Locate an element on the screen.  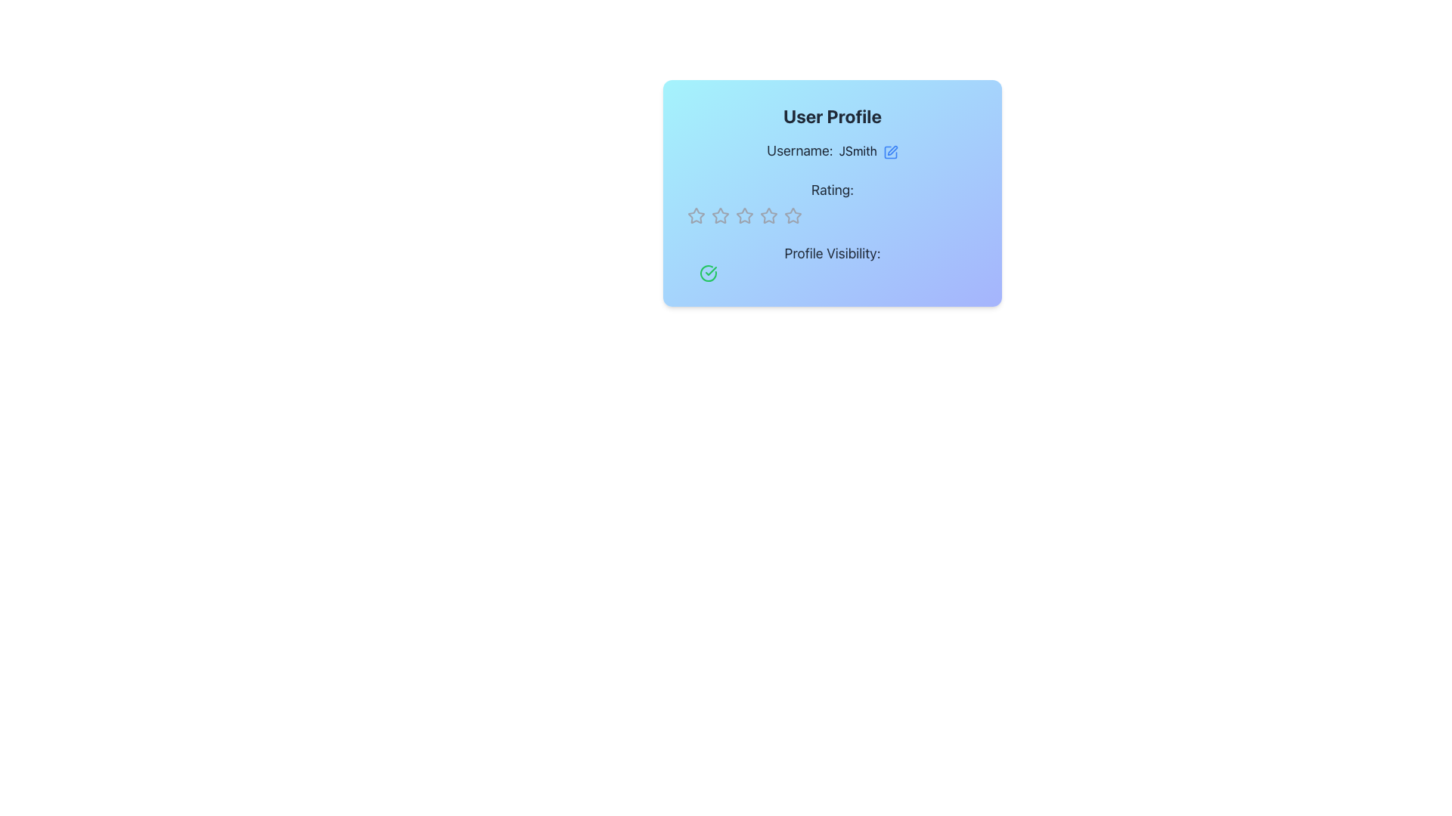
the fourth star icon in the rating interface is located at coordinates (793, 215).